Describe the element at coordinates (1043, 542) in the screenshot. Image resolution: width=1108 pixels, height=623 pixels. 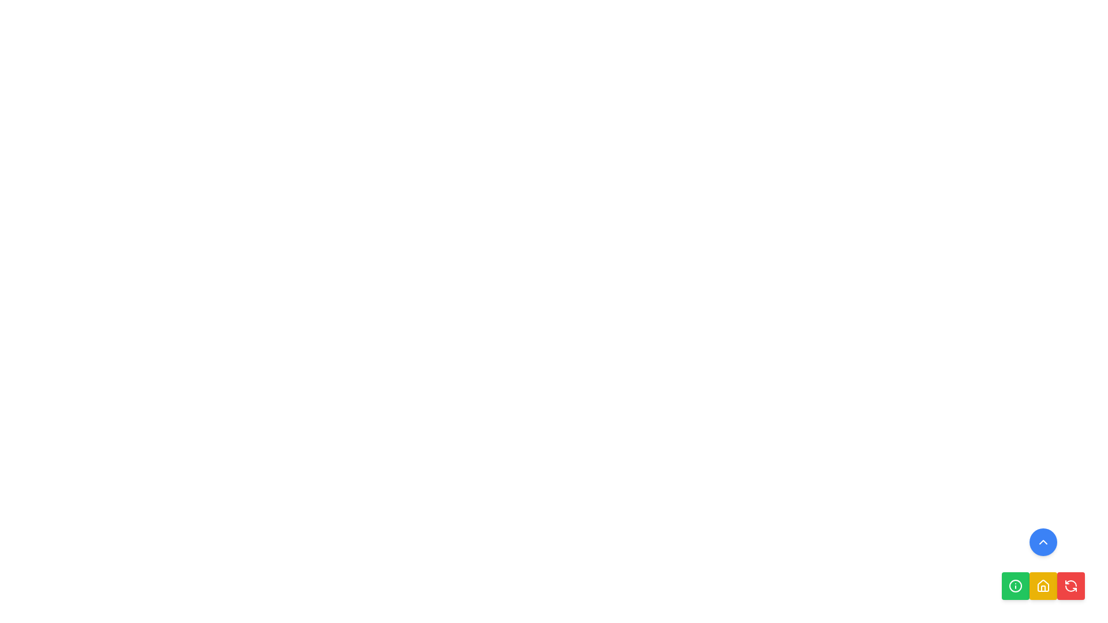
I see `the circular blue button with a white upward-pointing chevron to change its style` at that location.